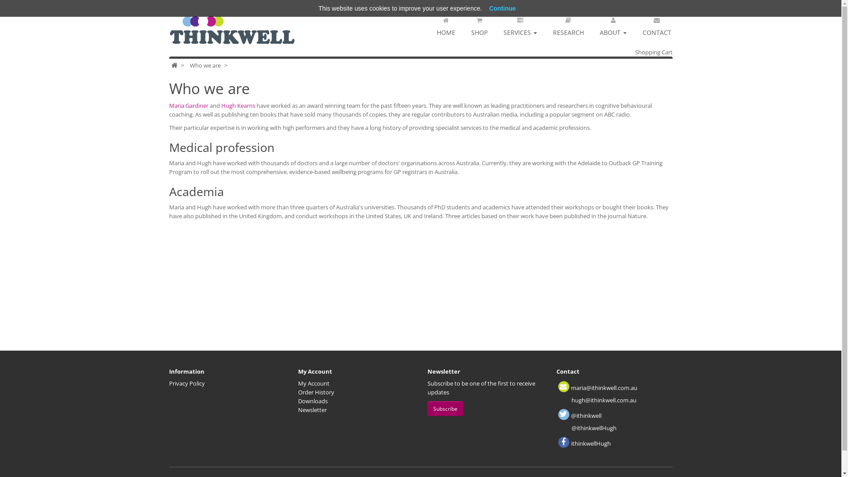 The width and height of the screenshot is (848, 477). I want to click on 'CONTACT', so click(656, 23).